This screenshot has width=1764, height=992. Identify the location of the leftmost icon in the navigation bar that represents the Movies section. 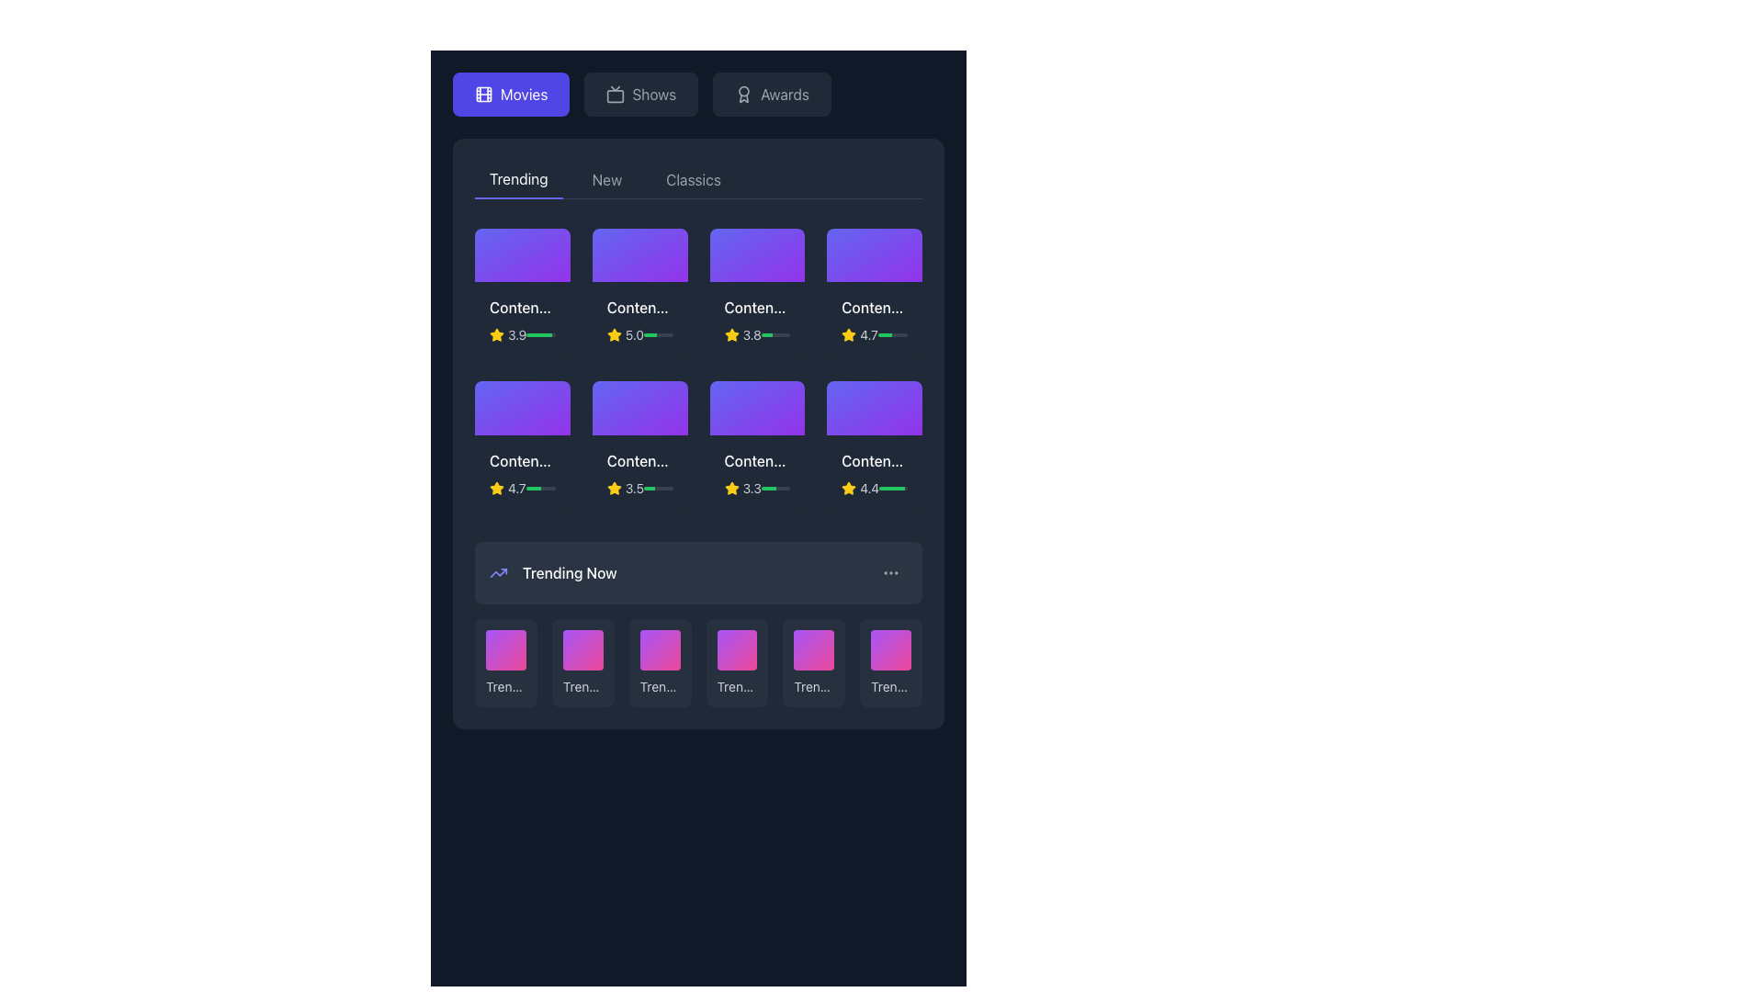
(484, 95).